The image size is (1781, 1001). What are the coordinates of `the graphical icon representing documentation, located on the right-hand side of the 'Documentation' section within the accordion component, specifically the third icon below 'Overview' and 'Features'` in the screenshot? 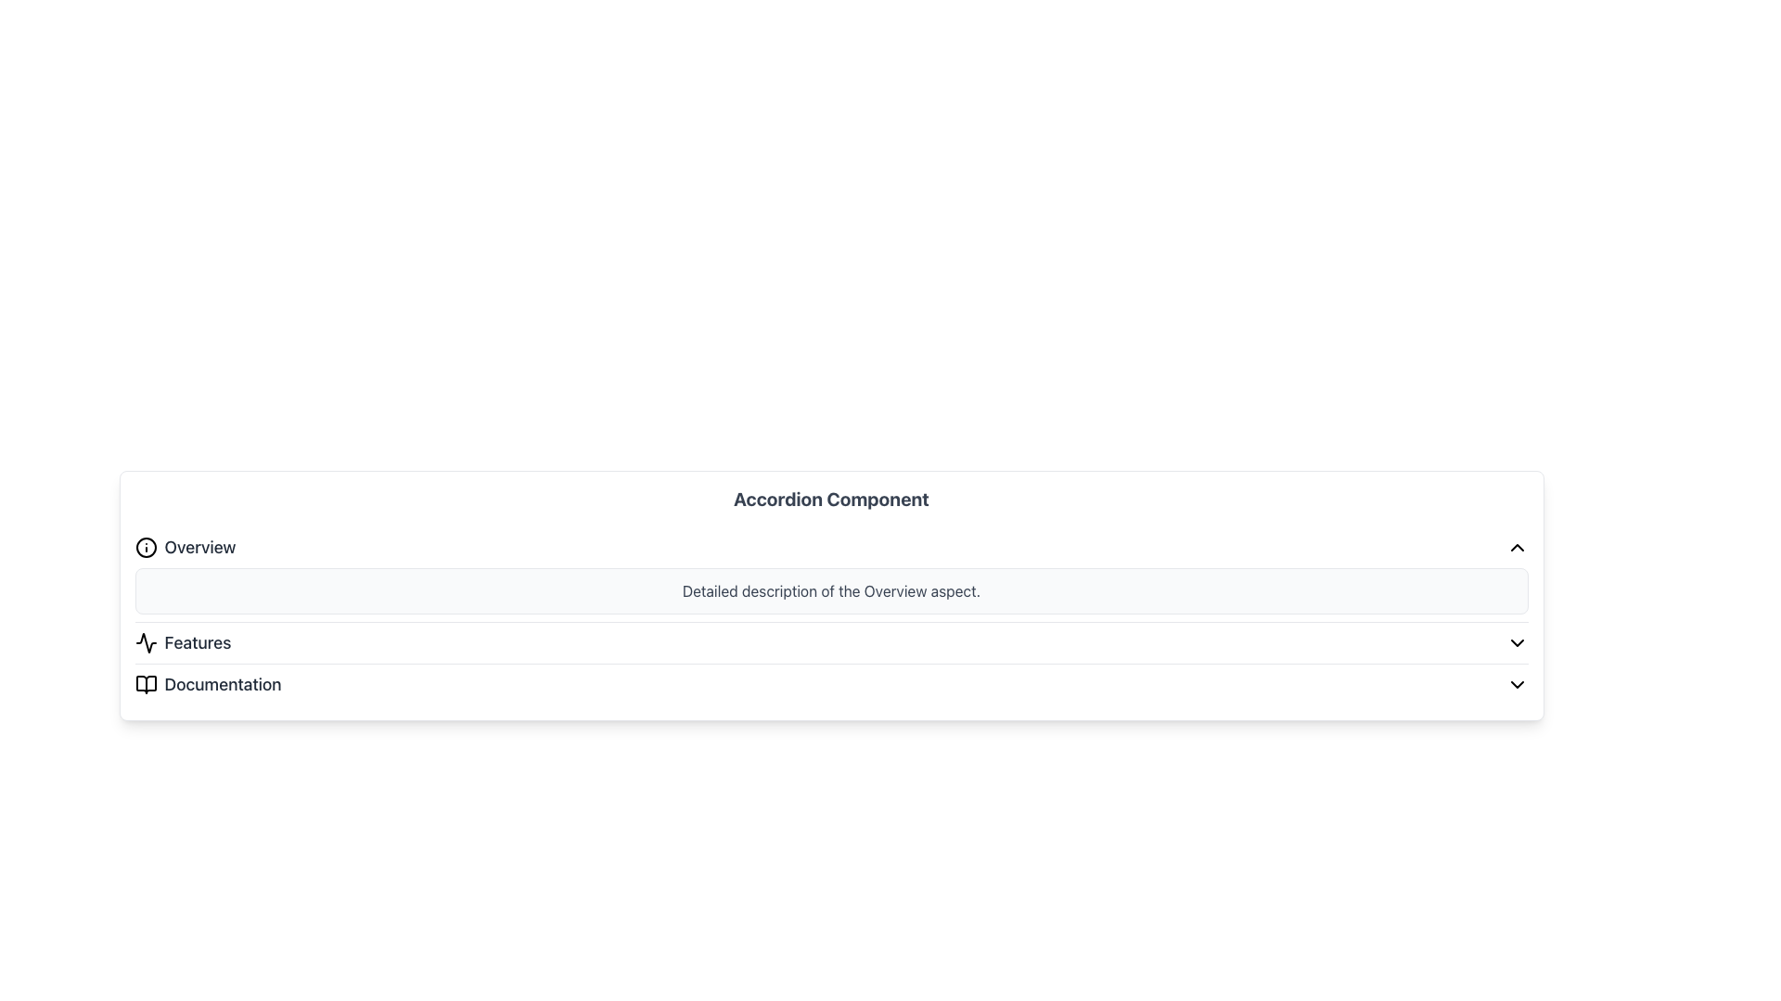 It's located at (145, 685).